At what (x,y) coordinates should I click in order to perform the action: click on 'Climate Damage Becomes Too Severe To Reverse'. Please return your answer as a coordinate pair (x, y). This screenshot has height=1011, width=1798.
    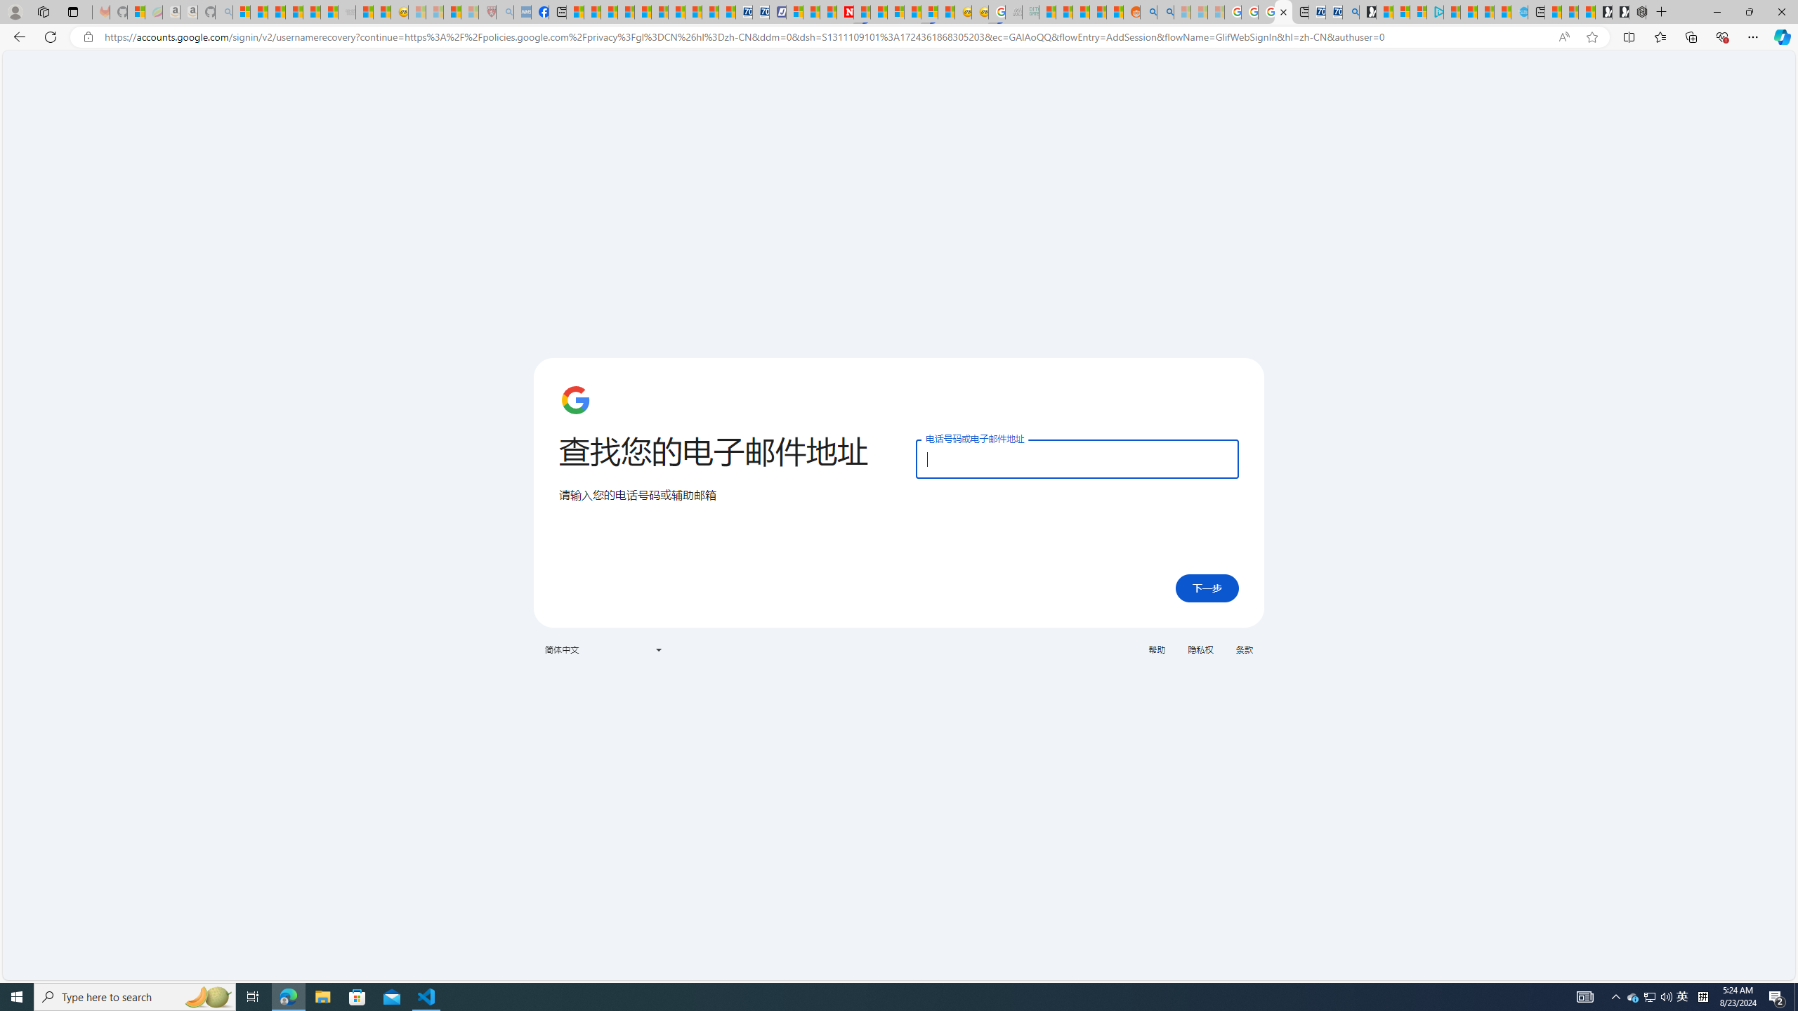
    Looking at the image, I should click on (624, 11).